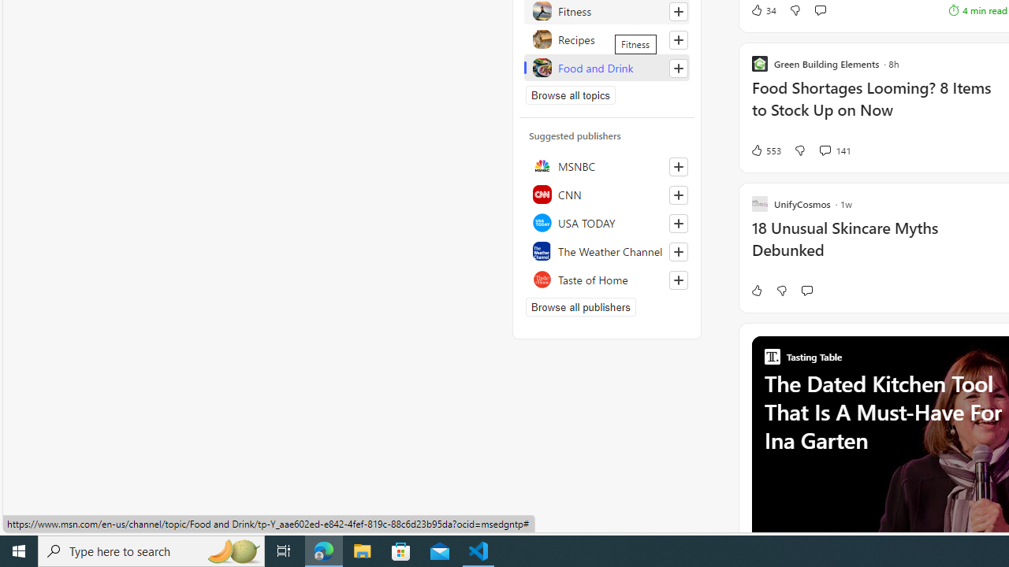 The image size is (1009, 567). Describe the element at coordinates (678, 68) in the screenshot. I see `'Follow this topic'` at that location.